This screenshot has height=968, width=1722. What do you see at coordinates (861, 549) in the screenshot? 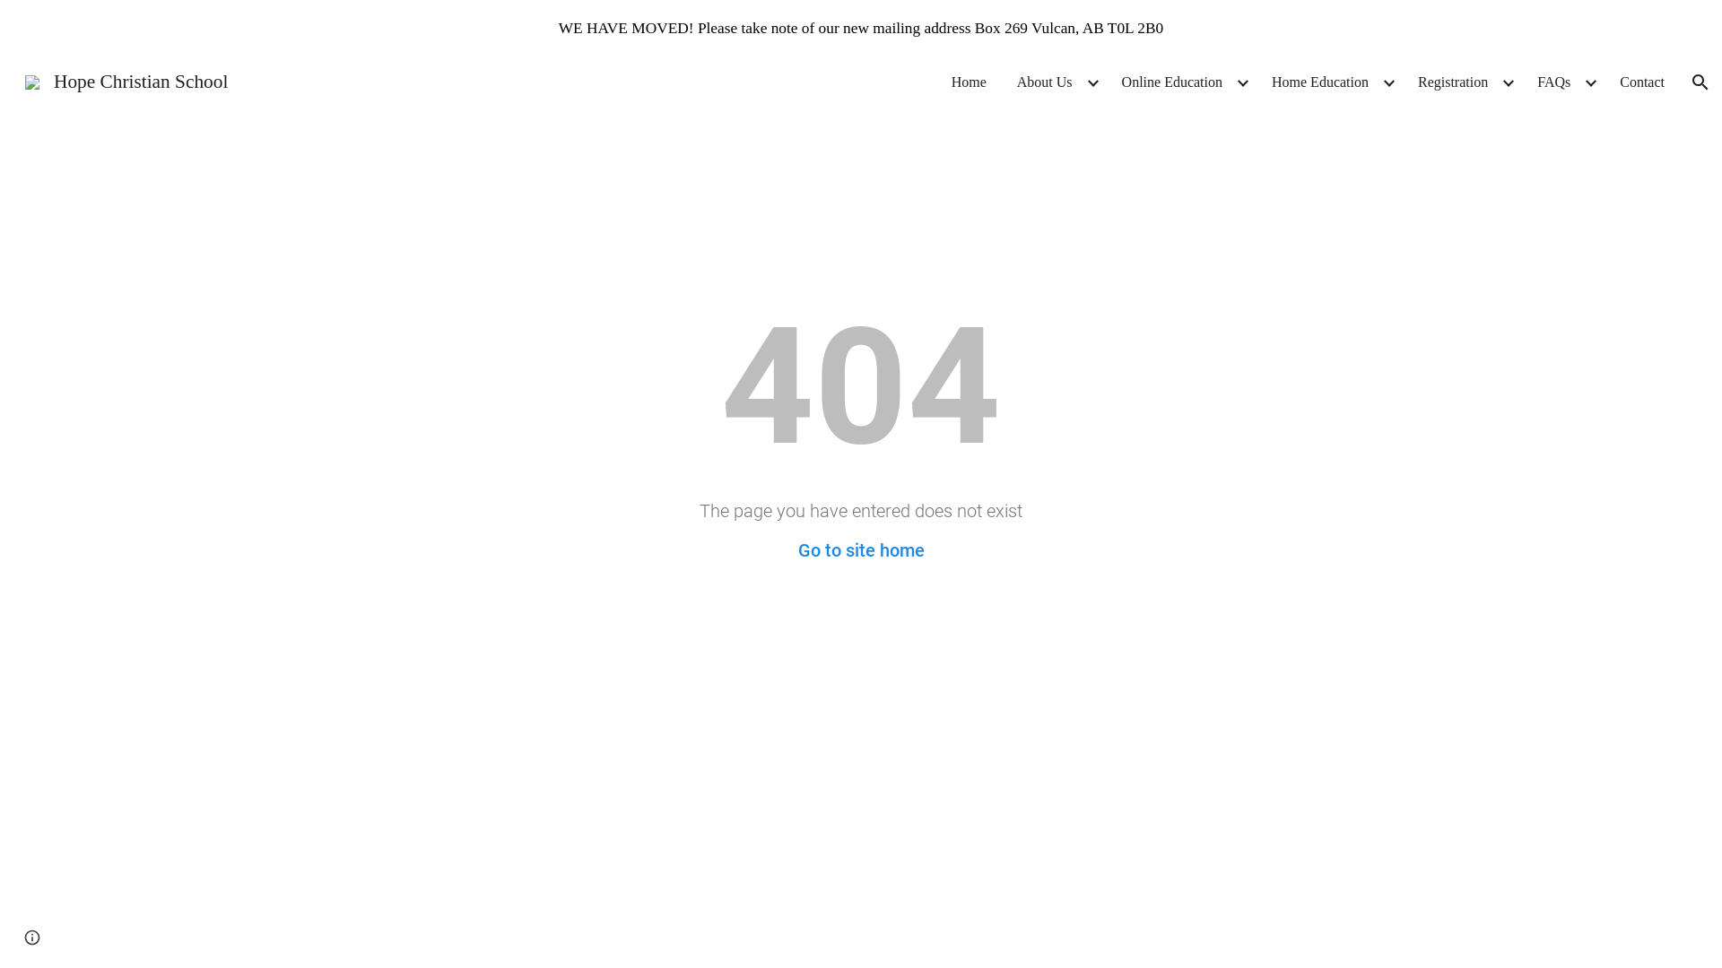
I see `'Go to site home'` at bounding box center [861, 549].